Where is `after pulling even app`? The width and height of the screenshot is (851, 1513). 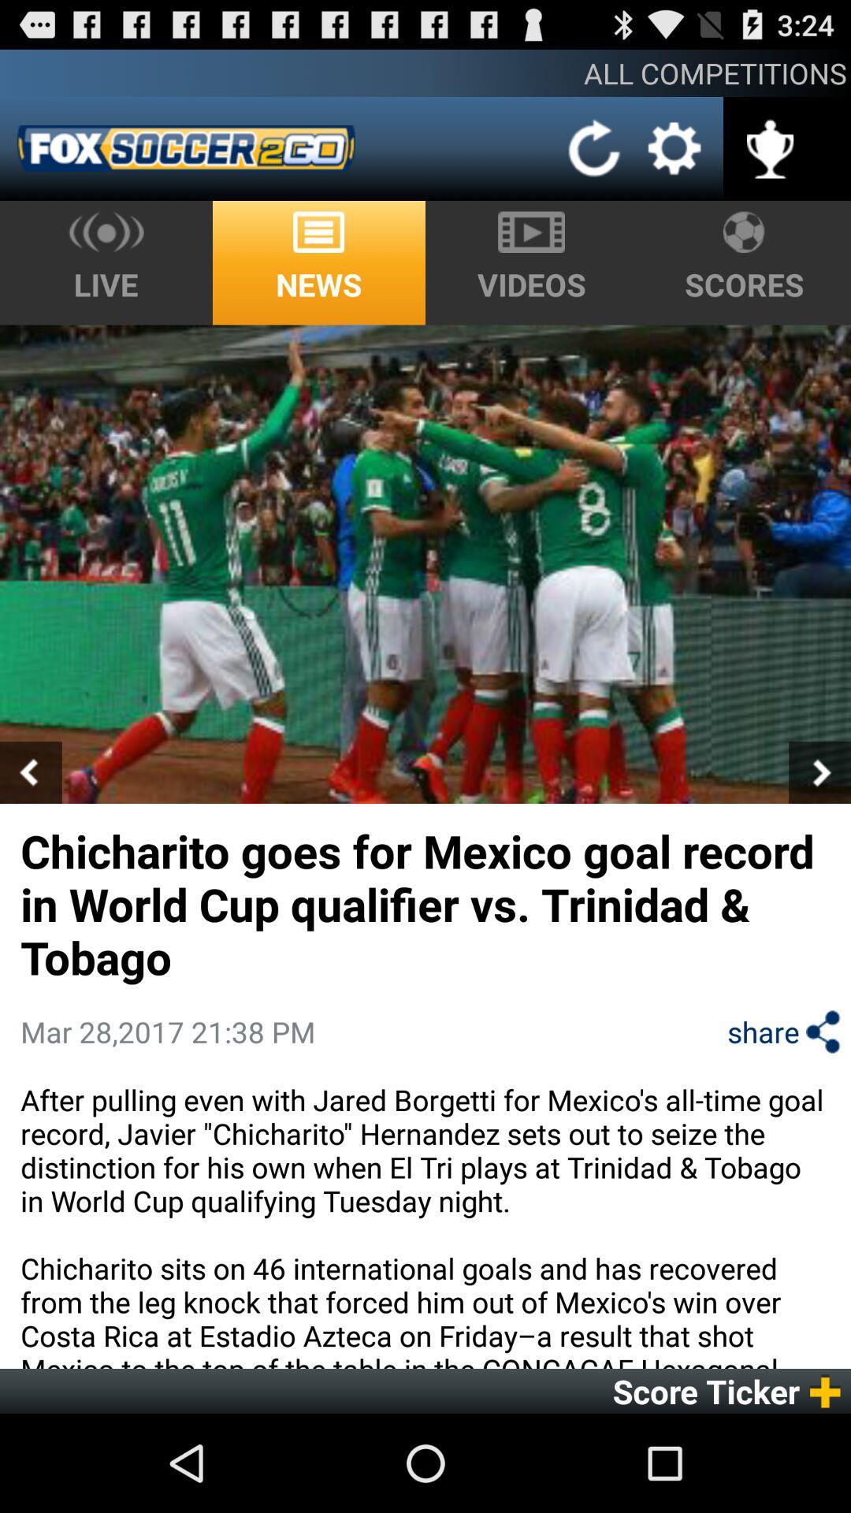 after pulling even app is located at coordinates (425, 1224).